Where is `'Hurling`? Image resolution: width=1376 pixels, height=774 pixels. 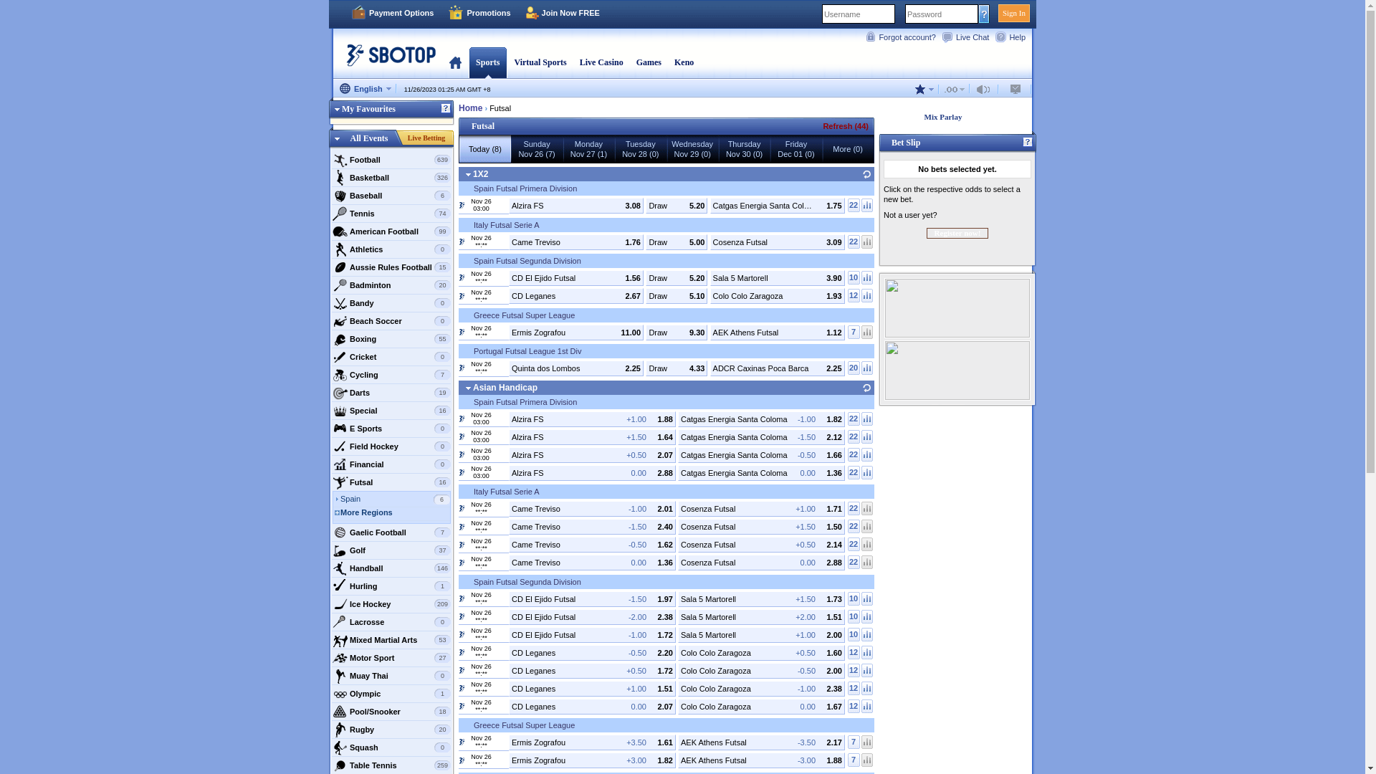
'Hurling is located at coordinates (330, 586).